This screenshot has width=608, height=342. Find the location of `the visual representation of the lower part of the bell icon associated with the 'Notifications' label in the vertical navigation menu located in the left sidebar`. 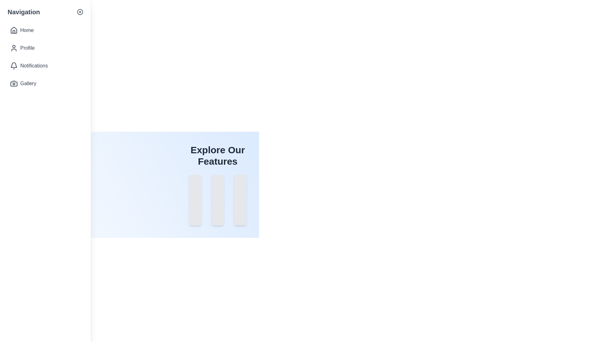

the visual representation of the lower part of the bell icon associated with the 'Notifications' label in the vertical navigation menu located in the left sidebar is located at coordinates (14, 65).